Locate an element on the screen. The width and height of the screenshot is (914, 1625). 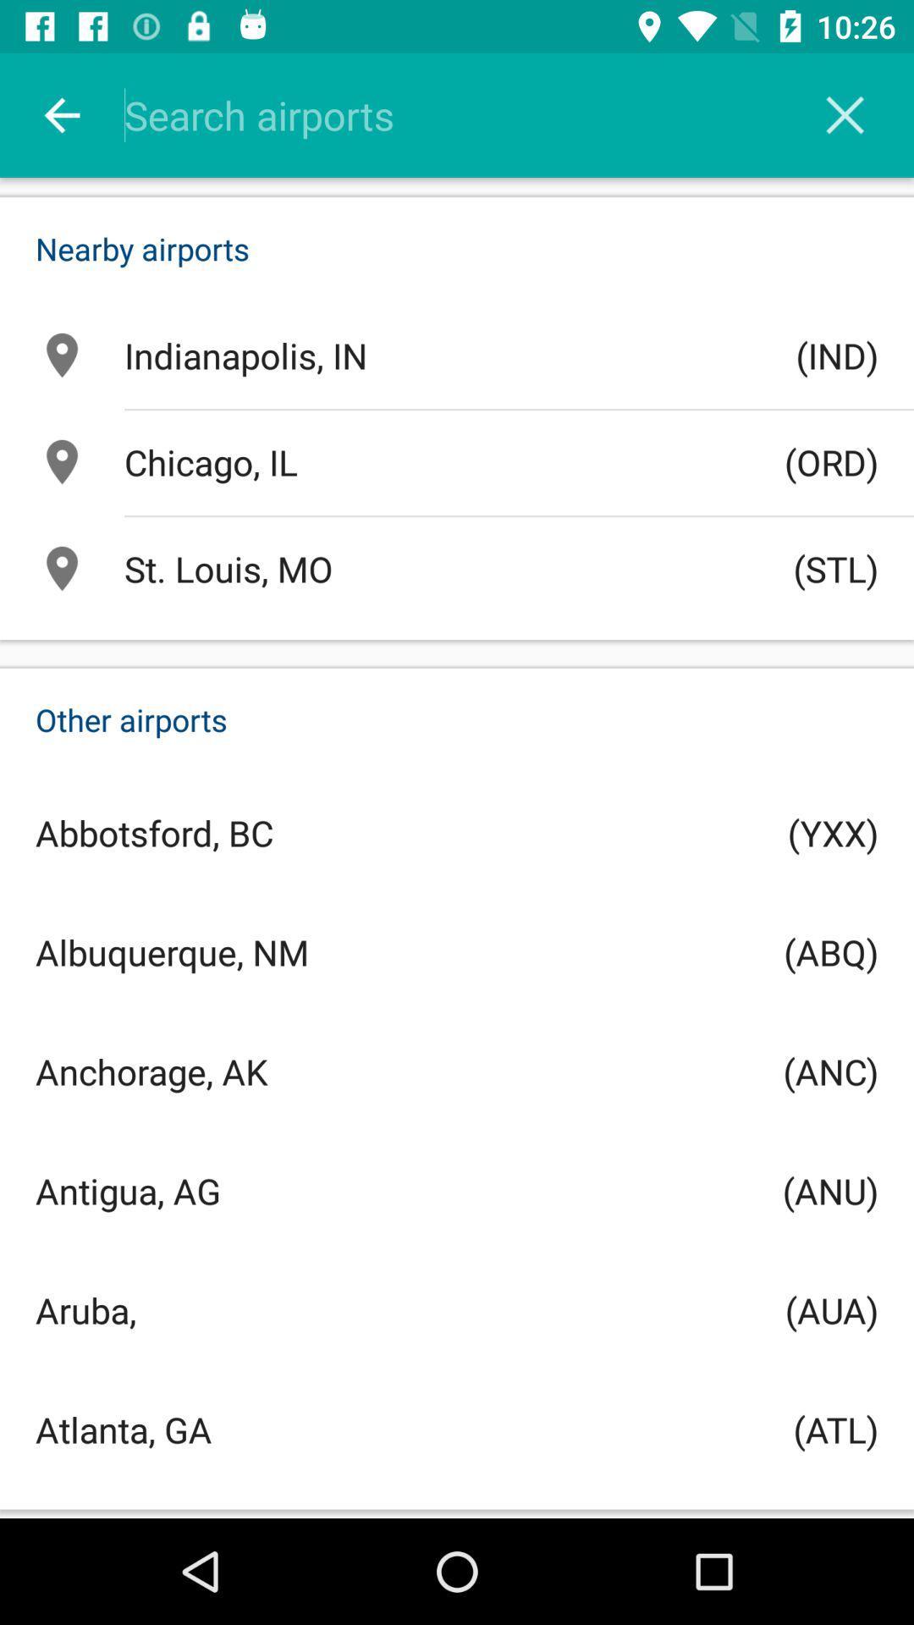
this is located at coordinates (845, 114).